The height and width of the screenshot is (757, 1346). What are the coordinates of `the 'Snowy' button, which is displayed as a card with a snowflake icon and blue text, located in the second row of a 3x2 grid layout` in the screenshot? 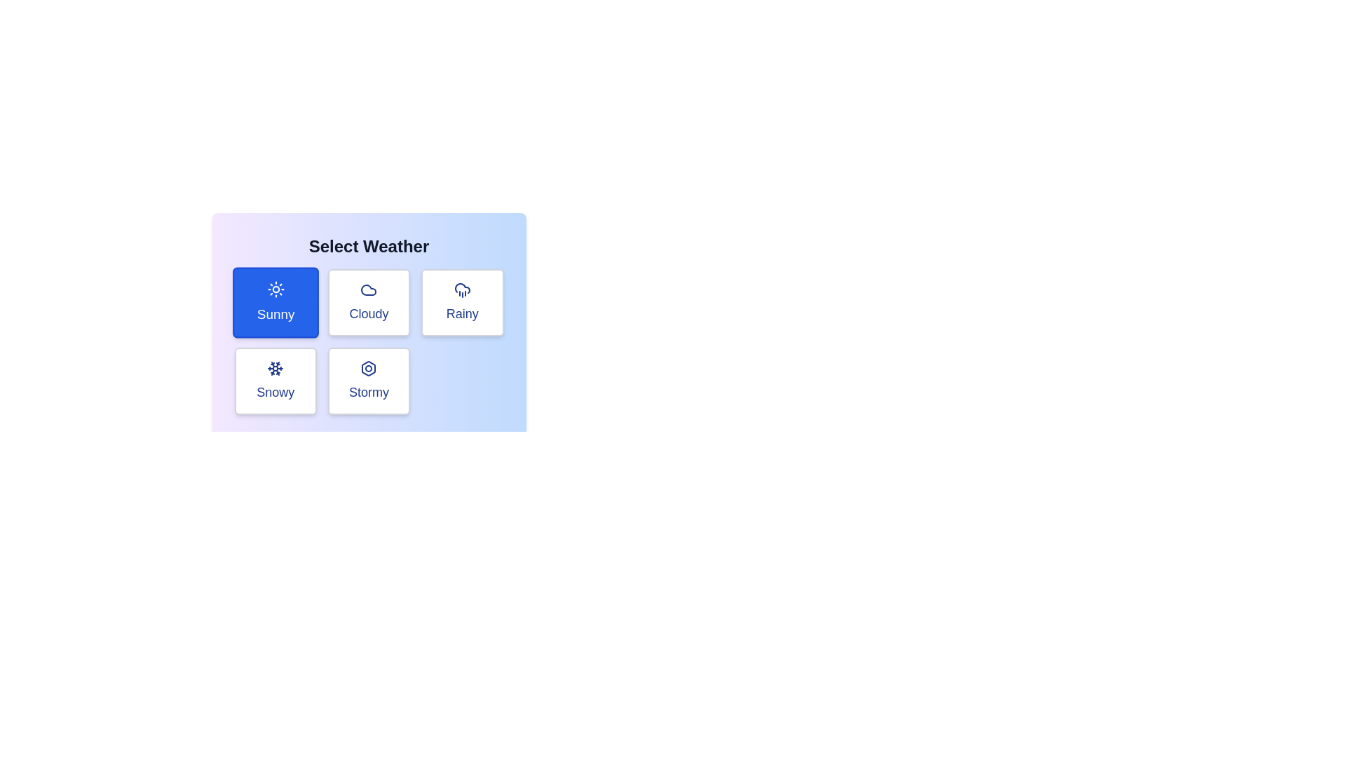 It's located at (276, 381).